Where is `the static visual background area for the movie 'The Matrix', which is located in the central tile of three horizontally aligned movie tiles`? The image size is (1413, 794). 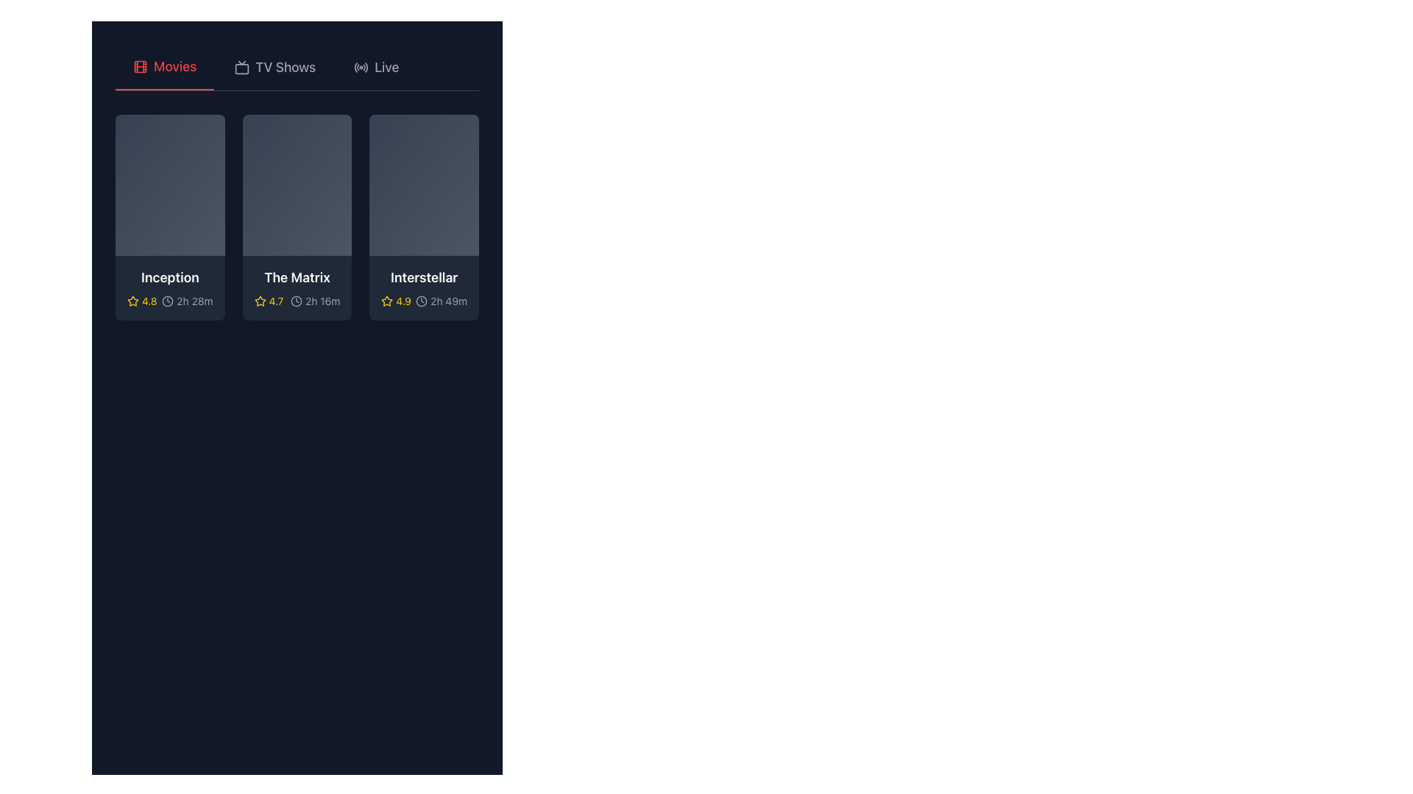 the static visual background area for the movie 'The Matrix', which is located in the central tile of three horizontally aligned movie tiles is located at coordinates (296, 184).